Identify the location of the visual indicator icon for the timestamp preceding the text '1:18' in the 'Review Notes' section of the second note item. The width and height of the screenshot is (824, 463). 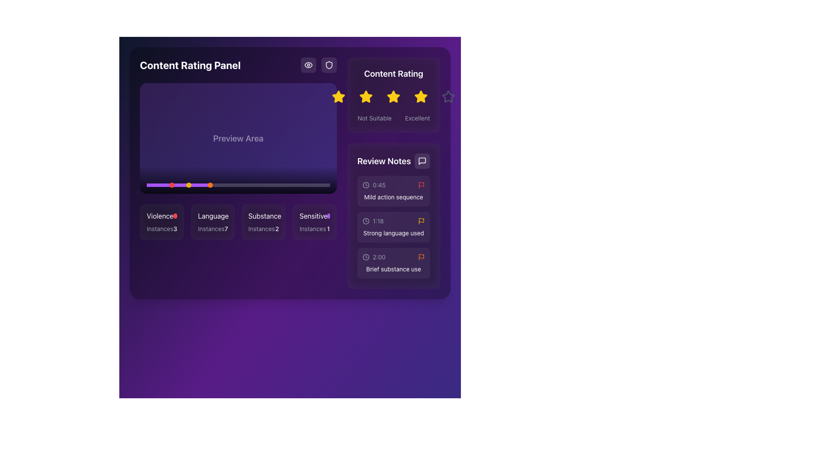
(366, 221).